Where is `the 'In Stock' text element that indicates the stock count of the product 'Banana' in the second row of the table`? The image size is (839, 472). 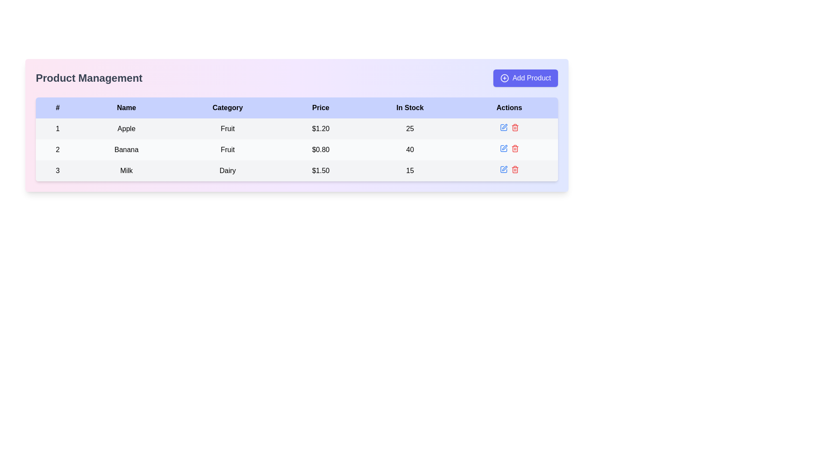
the 'In Stock' text element that indicates the stock count of the product 'Banana' in the second row of the table is located at coordinates (409, 149).